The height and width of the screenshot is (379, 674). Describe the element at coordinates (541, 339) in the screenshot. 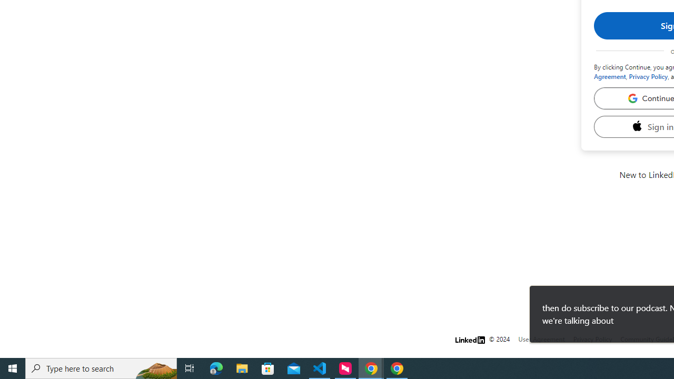

I see `'User Agreement'` at that location.